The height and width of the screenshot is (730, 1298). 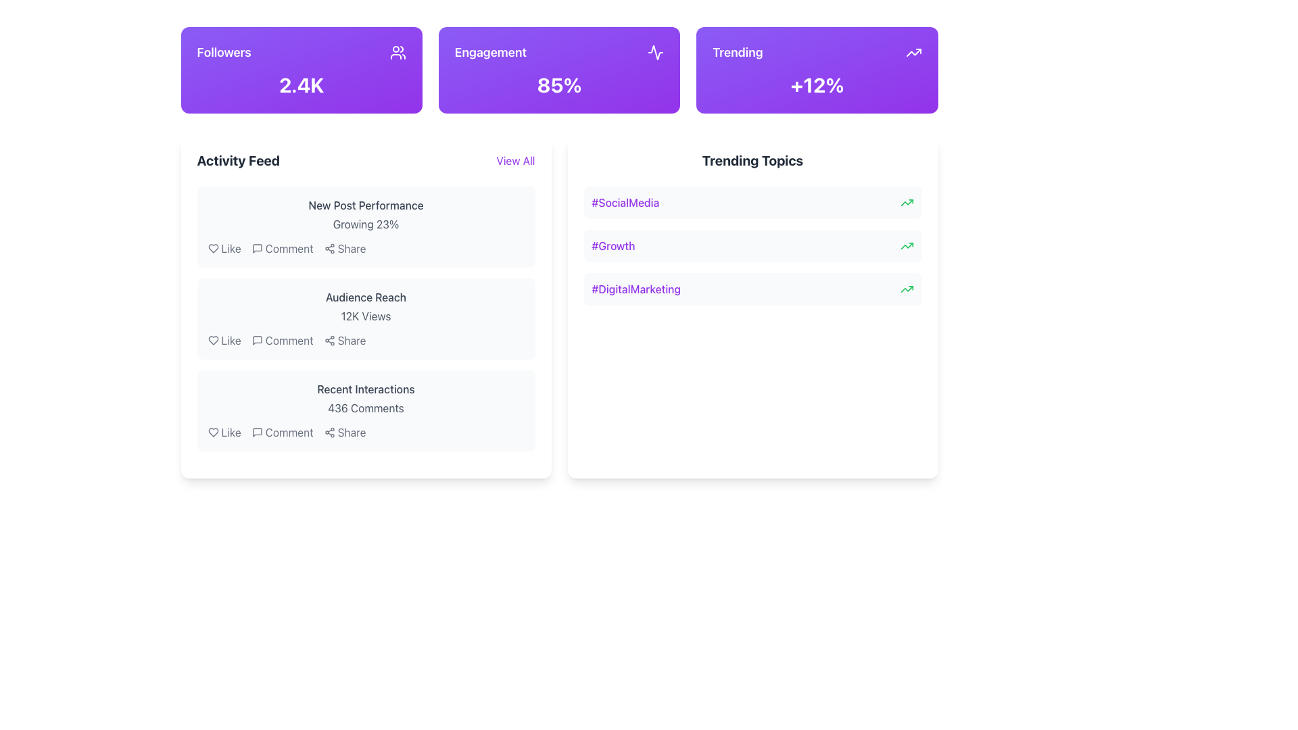 I want to click on the 'Audience Reach' text label, which is displayed in medium gray font and located within the Activity Feed section, below the 'New Post Performance' card and above the '12K Views' metric, so click(x=366, y=296).